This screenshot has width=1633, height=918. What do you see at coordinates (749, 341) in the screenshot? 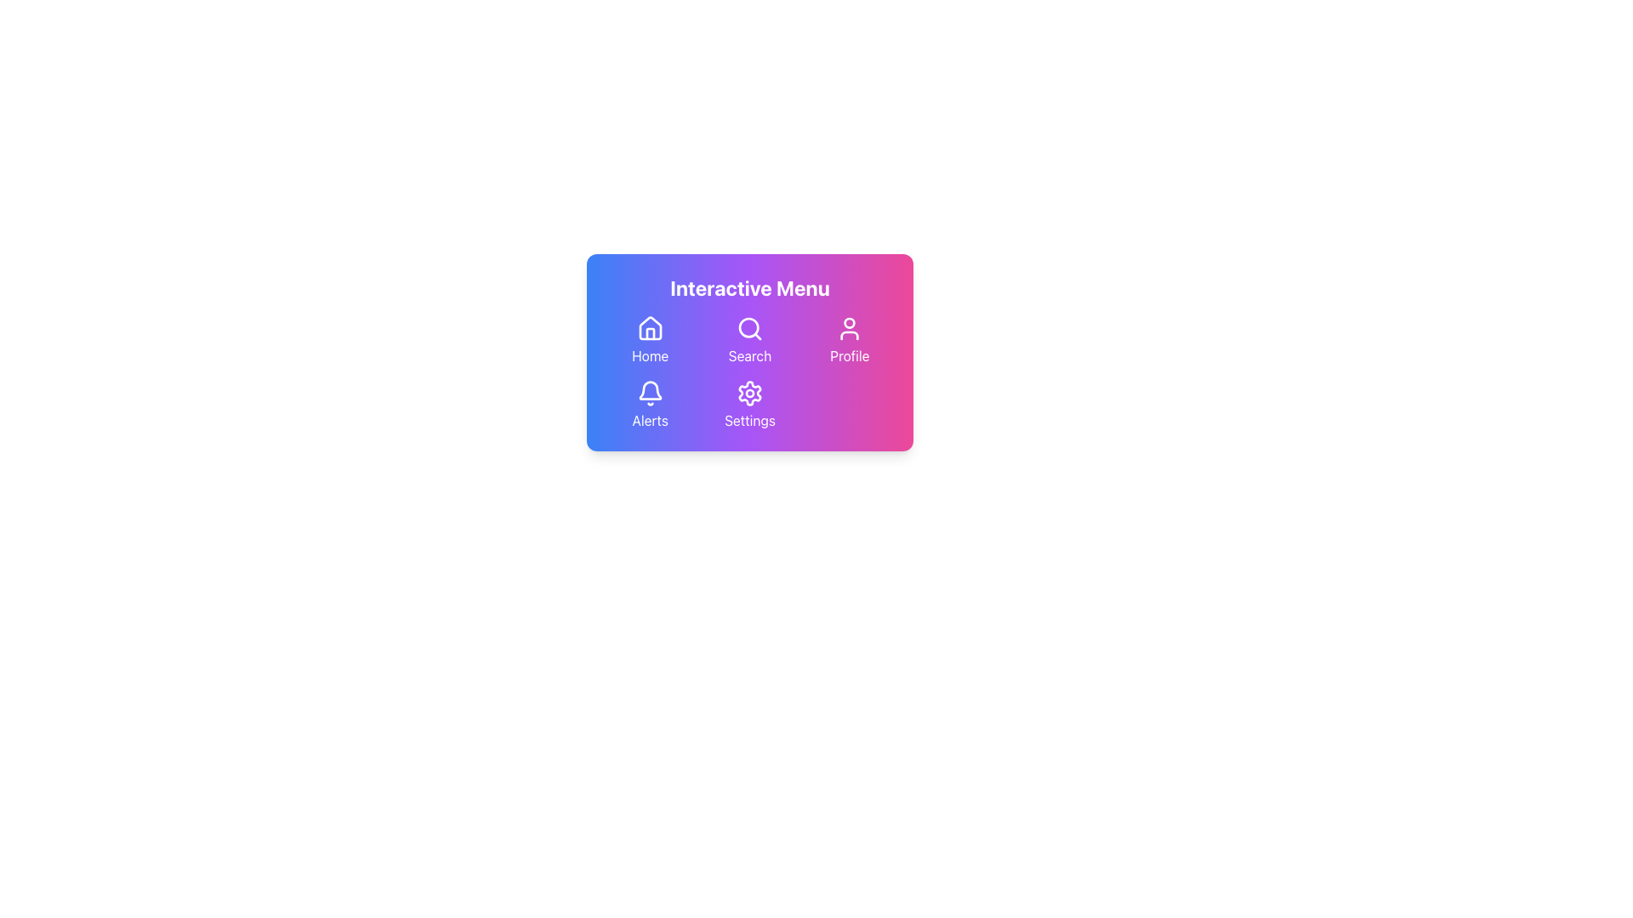
I see `the 'Search' button, which features a magnifying glass icon and is styled in white on a gradient blue to pink background, located in the upper row of the interactive menu` at bounding box center [749, 341].